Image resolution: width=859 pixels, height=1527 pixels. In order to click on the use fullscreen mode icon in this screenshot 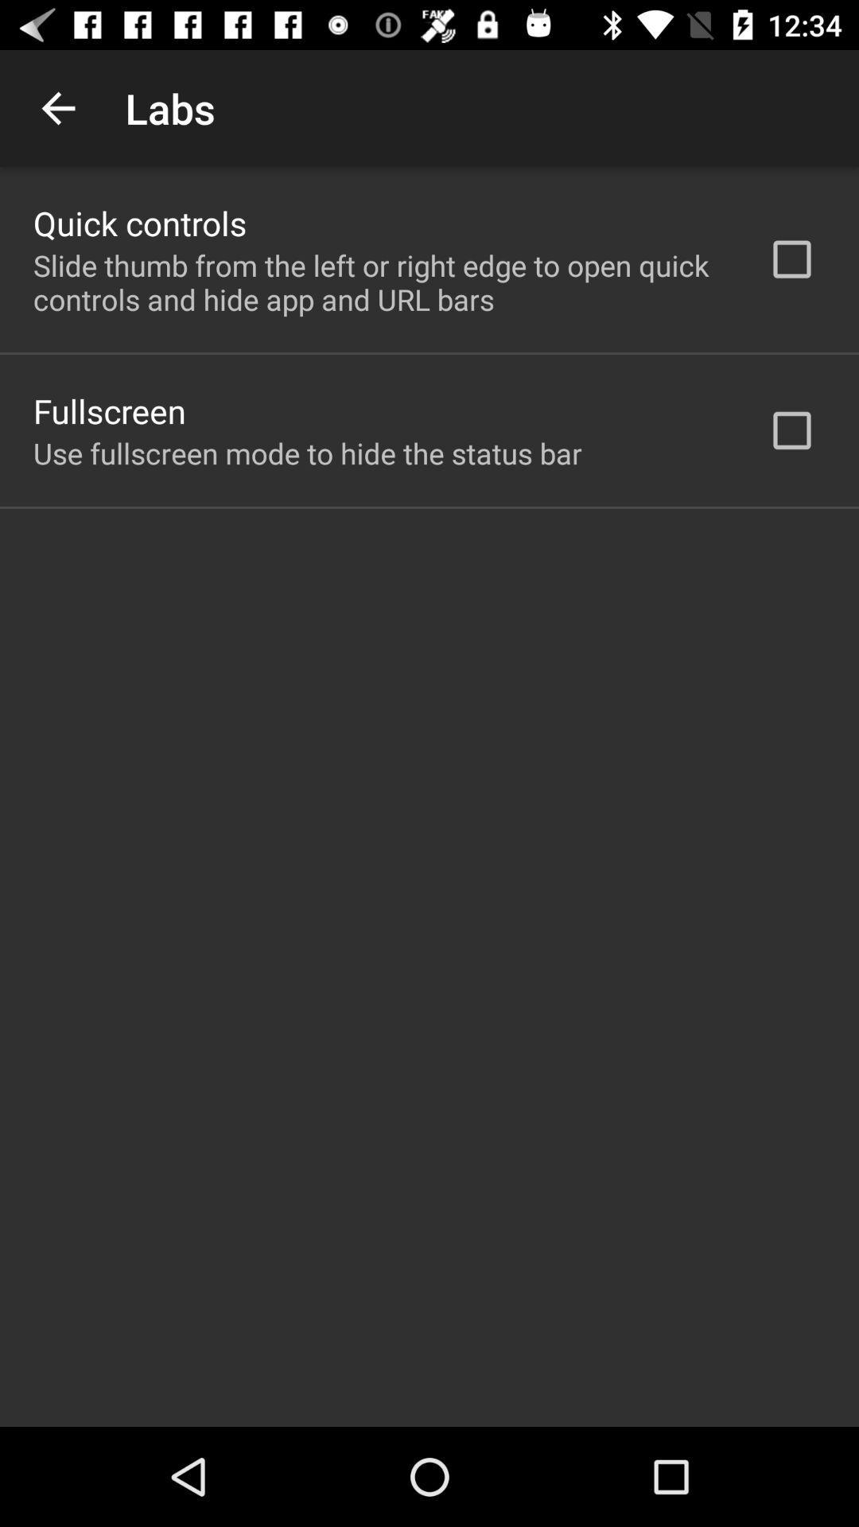, I will do `click(307, 453)`.